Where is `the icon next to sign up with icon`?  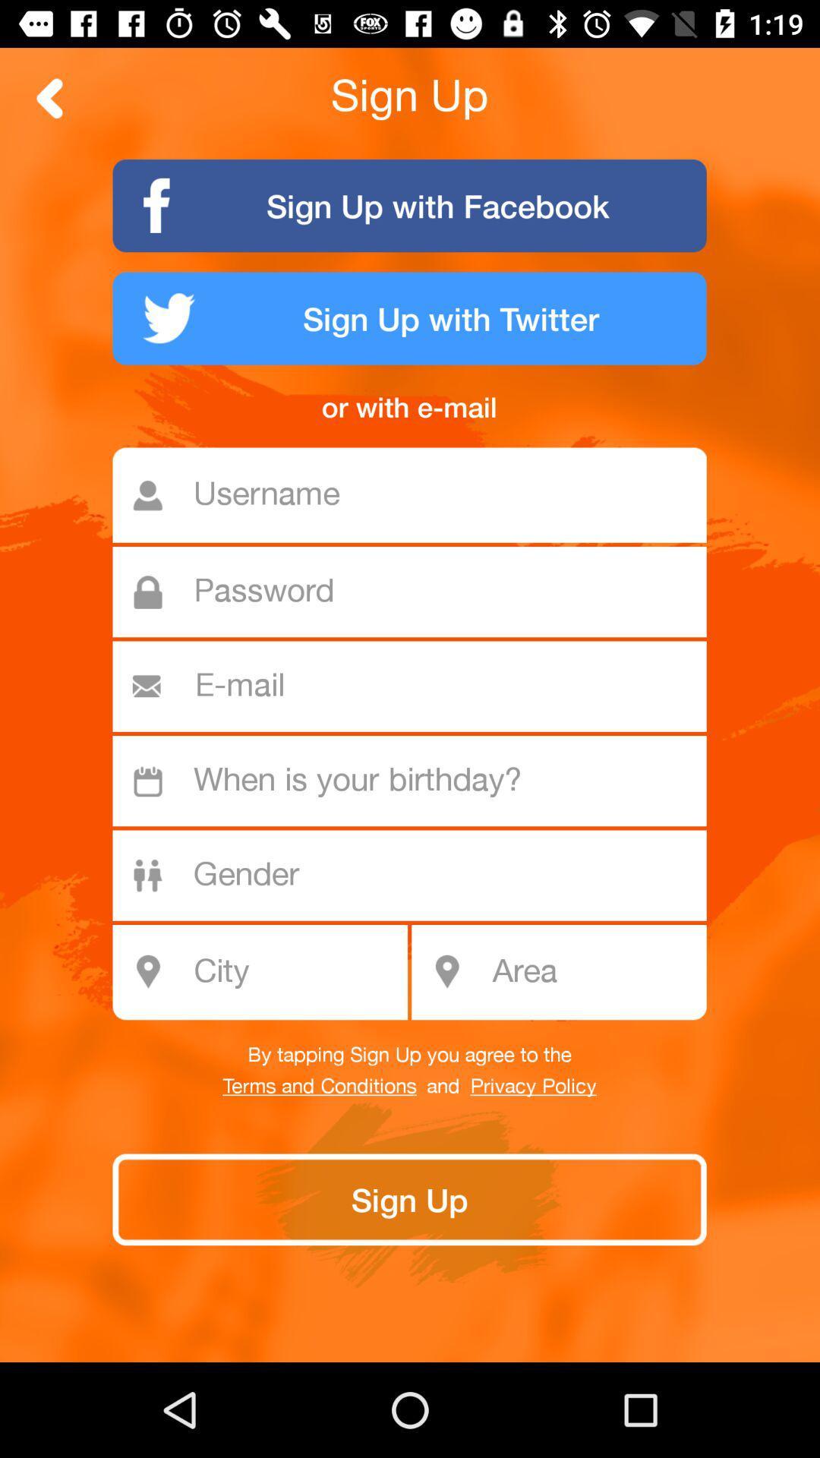 the icon next to sign up with icon is located at coordinates (49, 97).